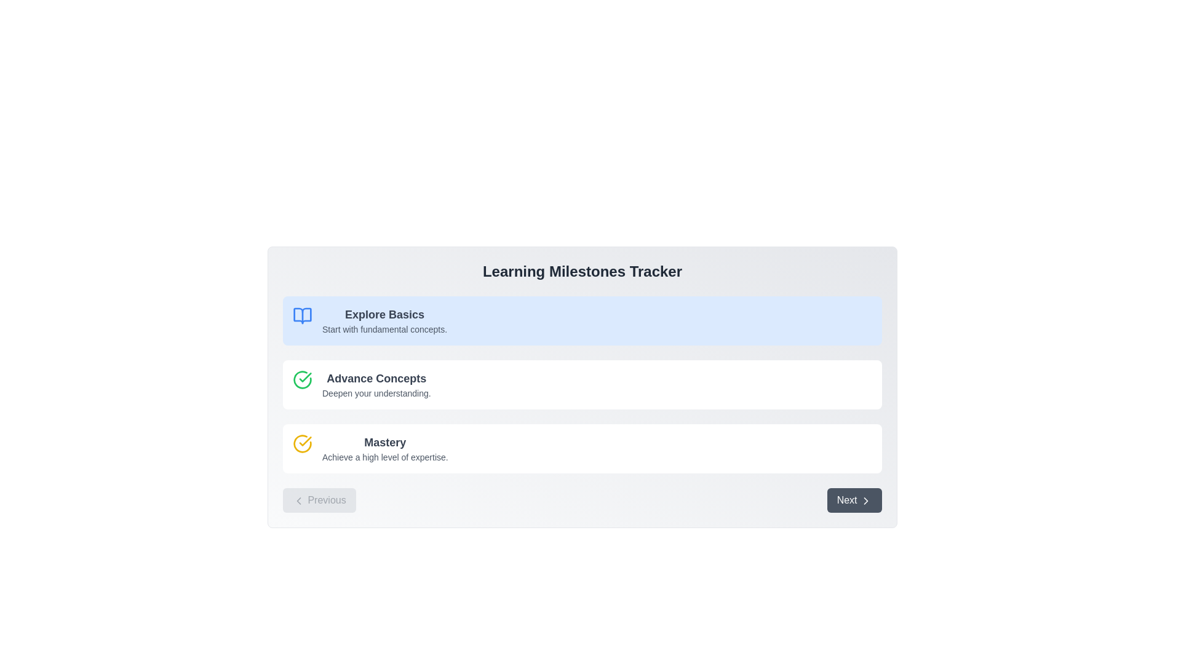 Image resolution: width=1181 pixels, height=664 pixels. I want to click on the blue minimalist book icon located at the leftmost part of the 'Explore Basics' section, aligned with the text 'Explore Basics' and its subtitle, so click(302, 315).